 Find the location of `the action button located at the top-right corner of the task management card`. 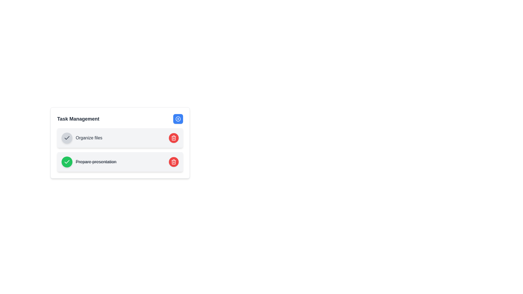

the action button located at the top-right corner of the task management card is located at coordinates (178, 118).